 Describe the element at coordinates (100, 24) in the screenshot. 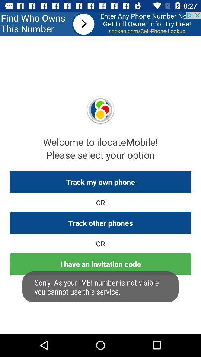

I see `advertisement` at that location.